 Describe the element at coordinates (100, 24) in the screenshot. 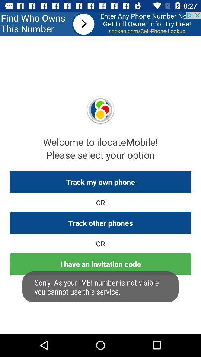

I see `advertisement` at that location.